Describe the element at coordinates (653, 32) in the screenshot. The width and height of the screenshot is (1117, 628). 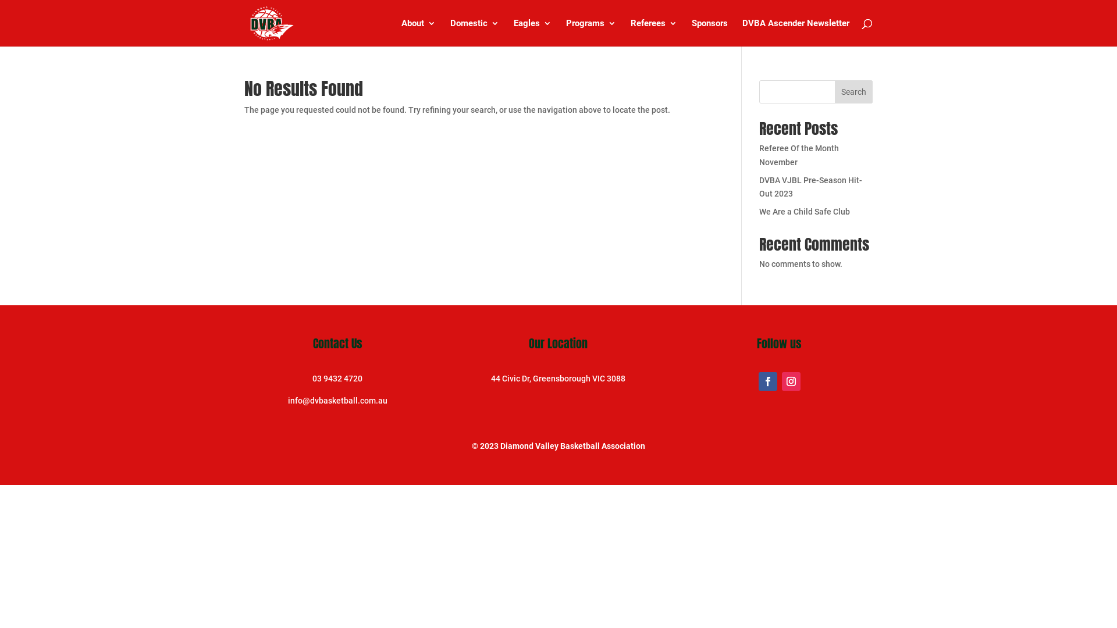
I see `'Referees'` at that location.